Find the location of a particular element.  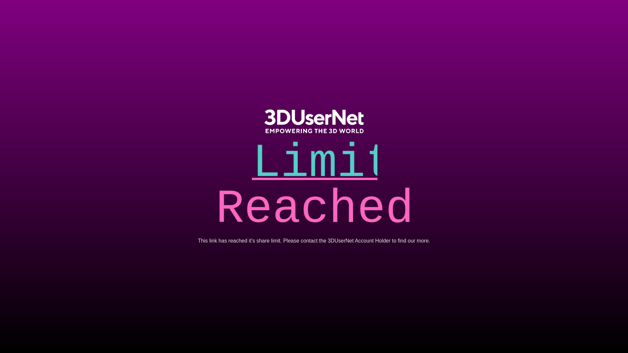

'3DUserNet.com' is located at coordinates (314, 121).